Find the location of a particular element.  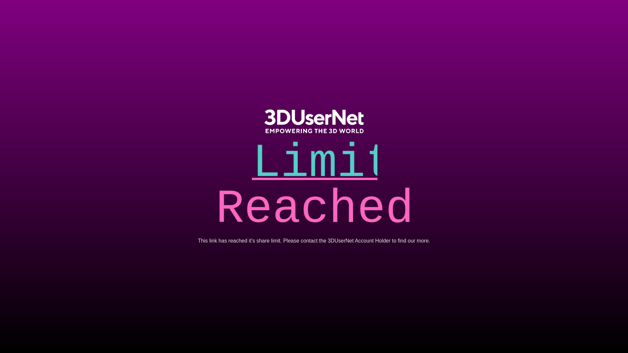

'3DUserNet.com' is located at coordinates (314, 121).